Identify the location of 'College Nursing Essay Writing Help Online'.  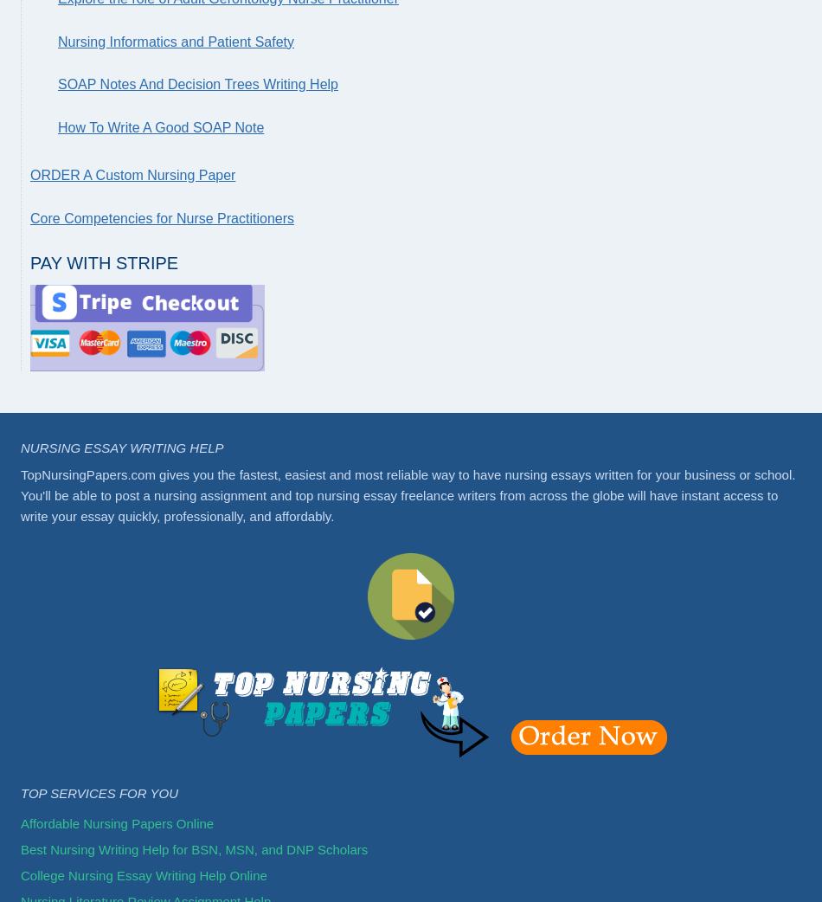
(143, 874).